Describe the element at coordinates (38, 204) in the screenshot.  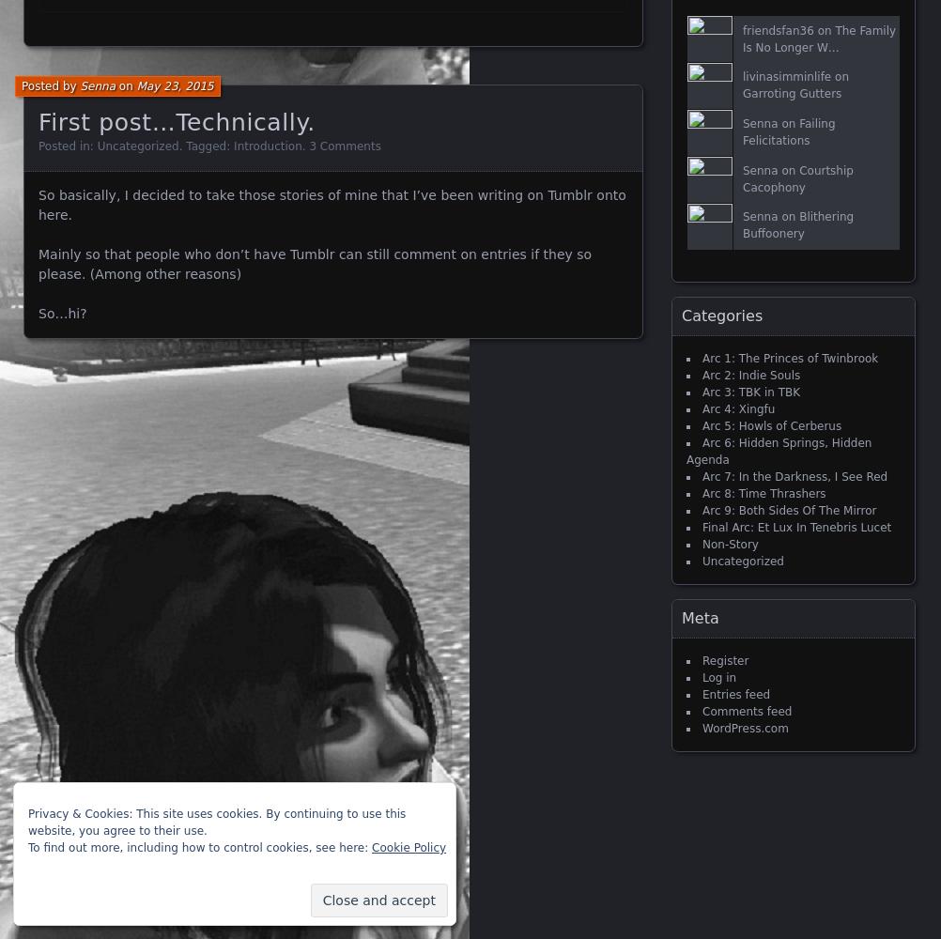
I see `'So basically, I decided to take those stories of mine that I’ve been writing on Tumblr onto here.'` at that location.